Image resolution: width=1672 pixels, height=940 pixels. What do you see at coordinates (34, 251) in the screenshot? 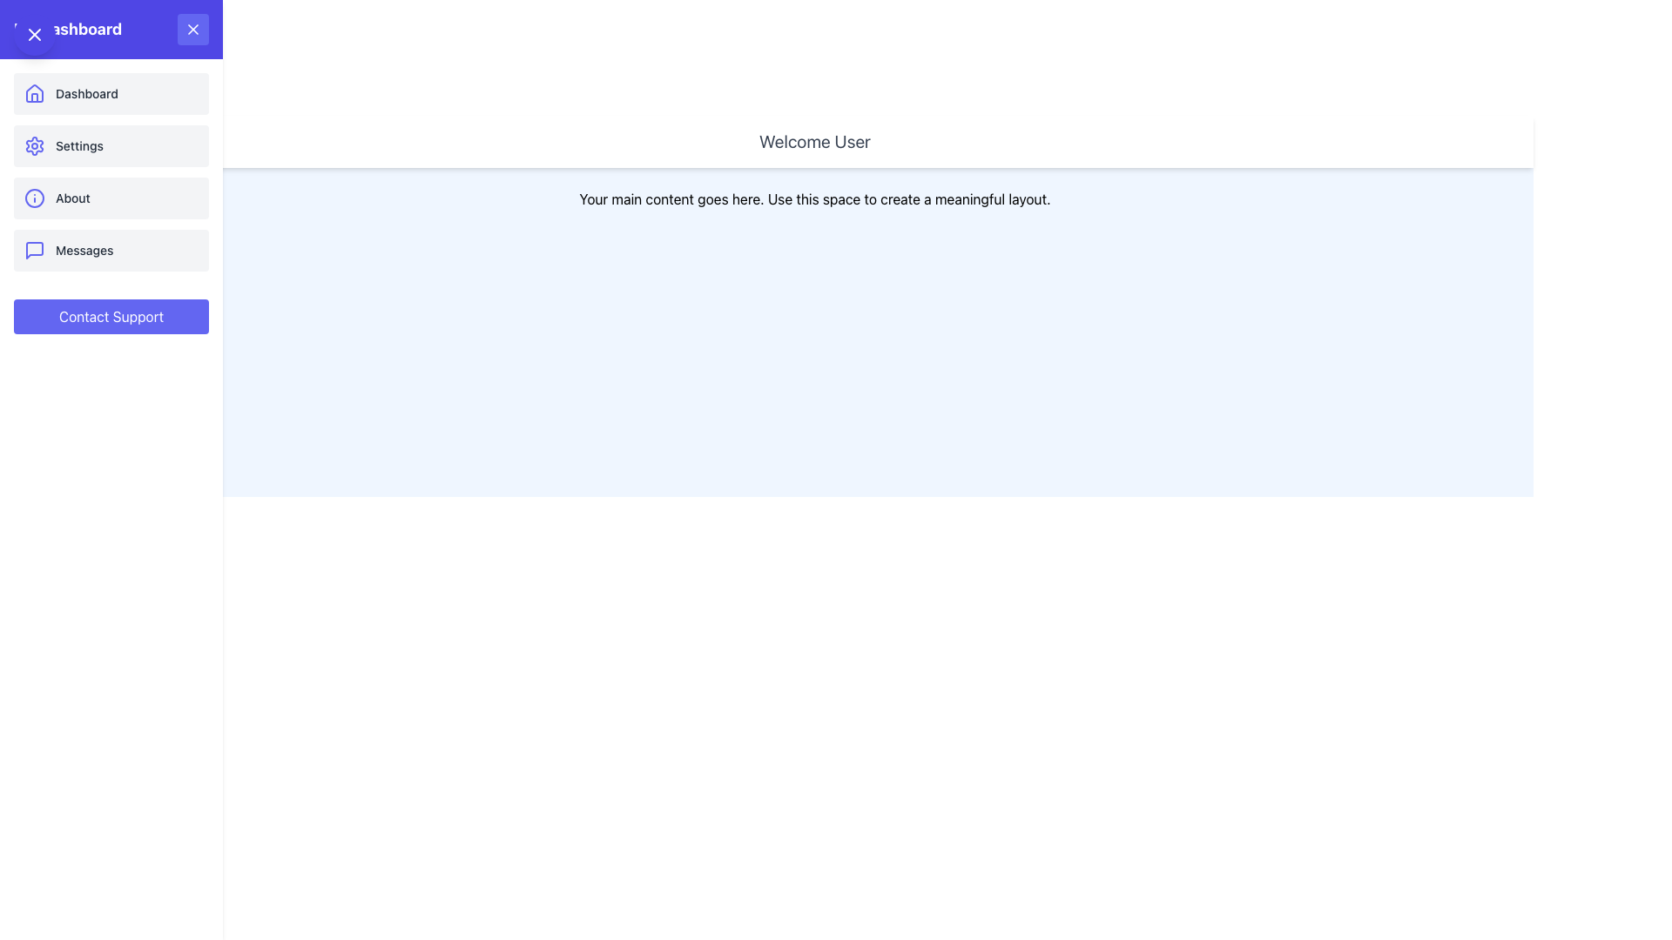
I see `the small, rounded rectangle blueish-purple icon located in the sidebar navigation panel, positioned to the left of the 'Messages' text label` at bounding box center [34, 251].